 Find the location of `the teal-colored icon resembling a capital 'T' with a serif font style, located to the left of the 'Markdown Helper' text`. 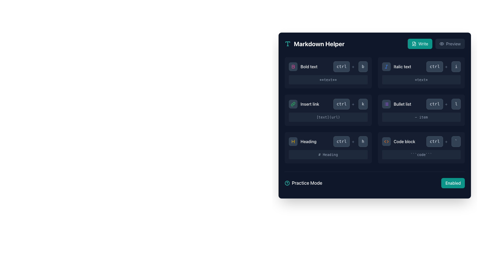

the teal-colored icon resembling a capital 'T' with a serif font style, located to the left of the 'Markdown Helper' text is located at coordinates (288, 43).